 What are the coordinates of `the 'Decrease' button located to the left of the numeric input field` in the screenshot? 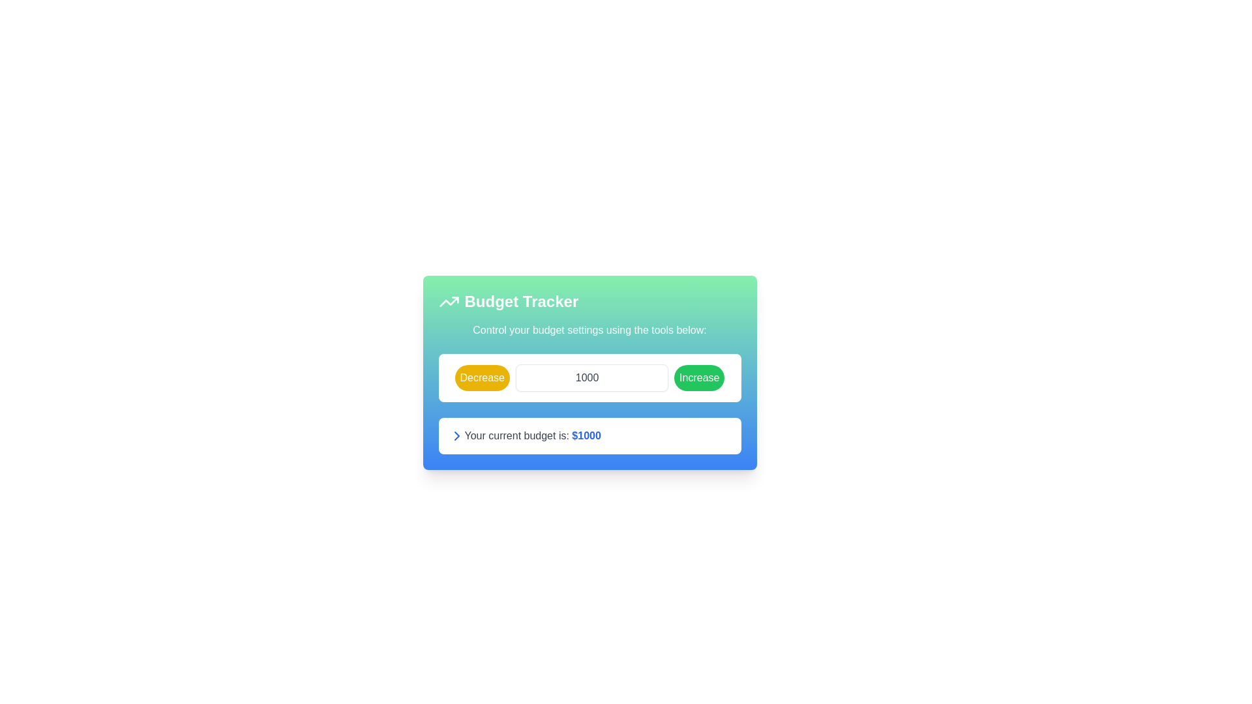 It's located at (481, 377).